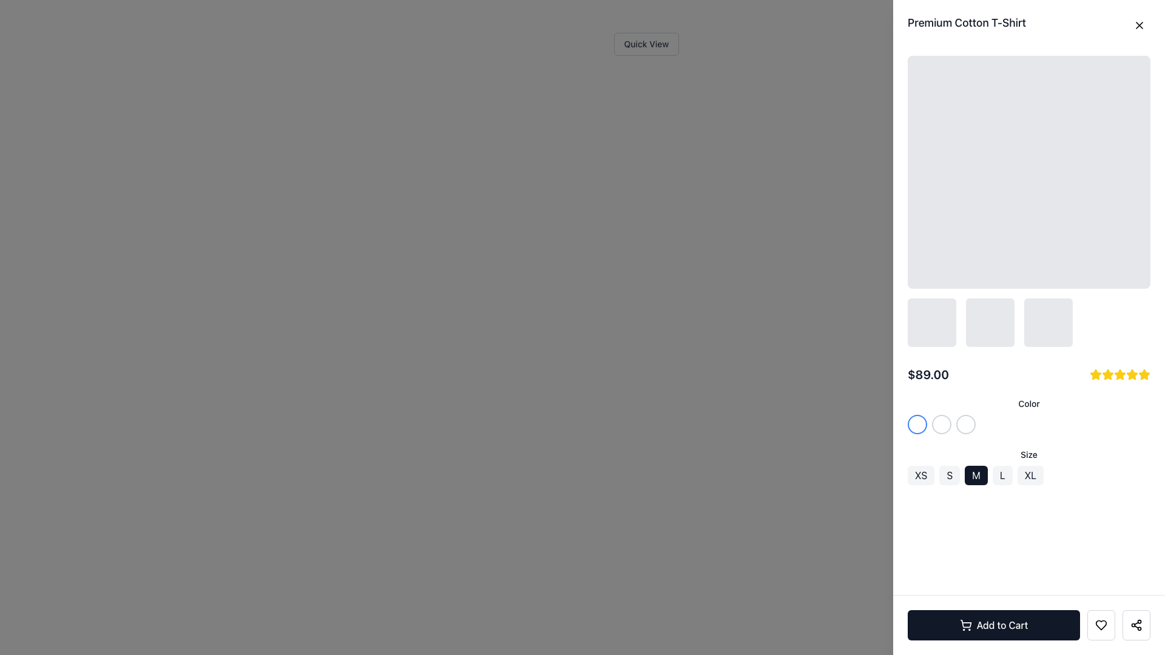 This screenshot has height=655, width=1165. I want to click on the fifth star icon, so click(1132, 374).